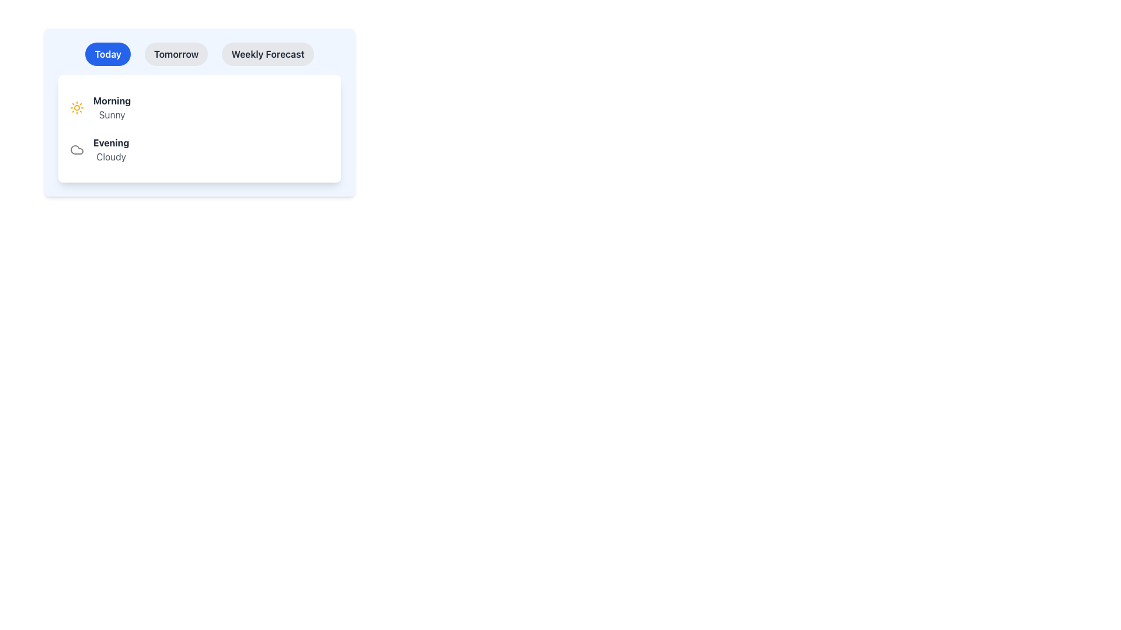 This screenshot has height=630, width=1121. I want to click on the gray cloud icon associated with the 'Evening' section, located to the left of the text 'Evening', so click(76, 149).